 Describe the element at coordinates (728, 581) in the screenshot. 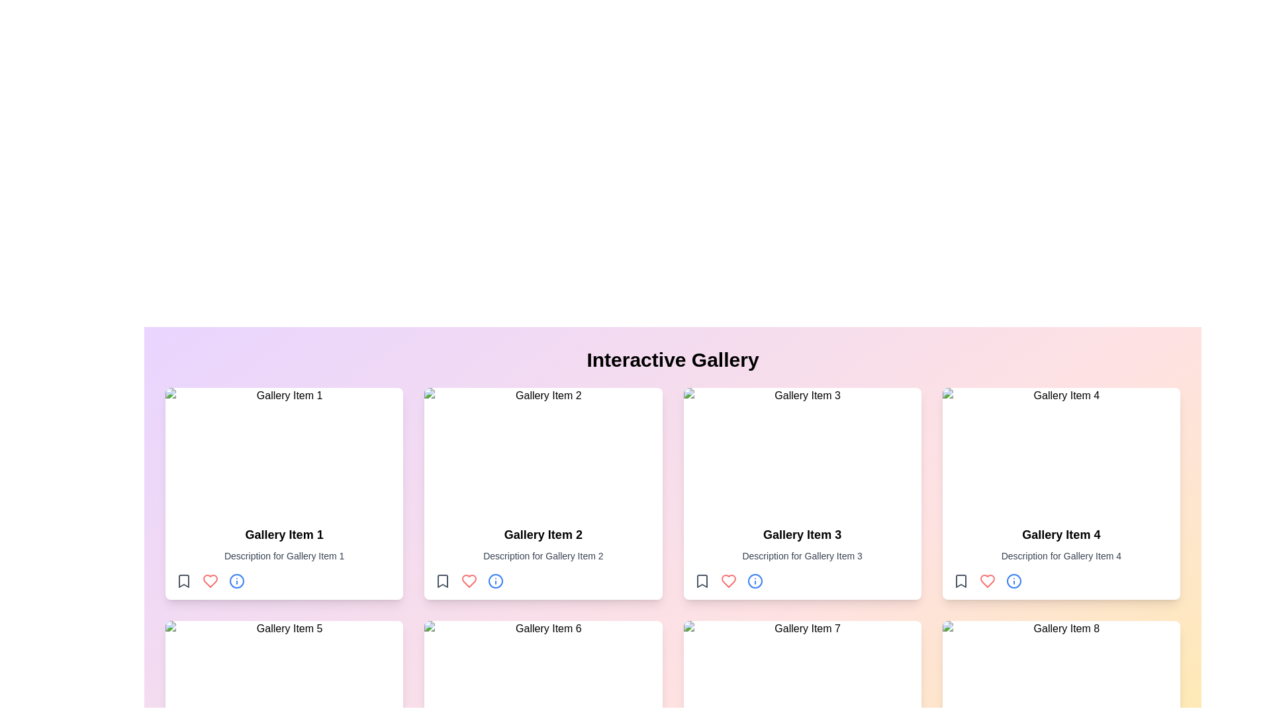

I see `the 'like' icon button located in the bottom section of the card labeled 'Gallery Item 3' to mark the item as liked` at that location.